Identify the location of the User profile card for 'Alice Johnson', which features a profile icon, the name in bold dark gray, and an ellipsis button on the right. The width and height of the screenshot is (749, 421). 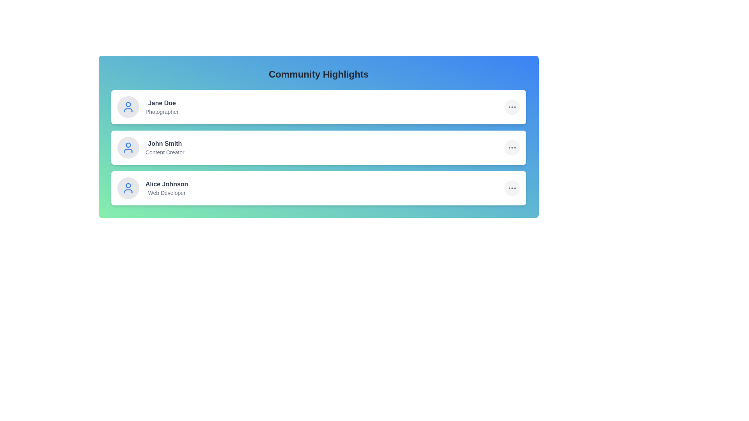
(318, 188).